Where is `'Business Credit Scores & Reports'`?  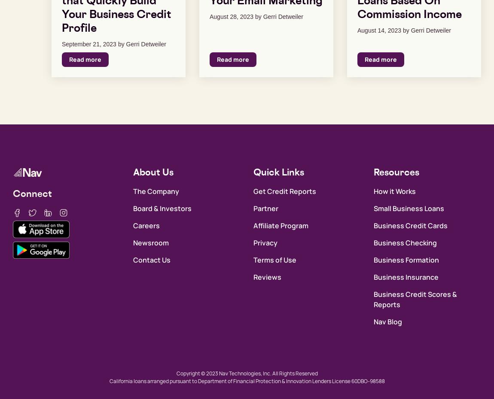
'Business Credit Scores & Reports' is located at coordinates (415, 299).